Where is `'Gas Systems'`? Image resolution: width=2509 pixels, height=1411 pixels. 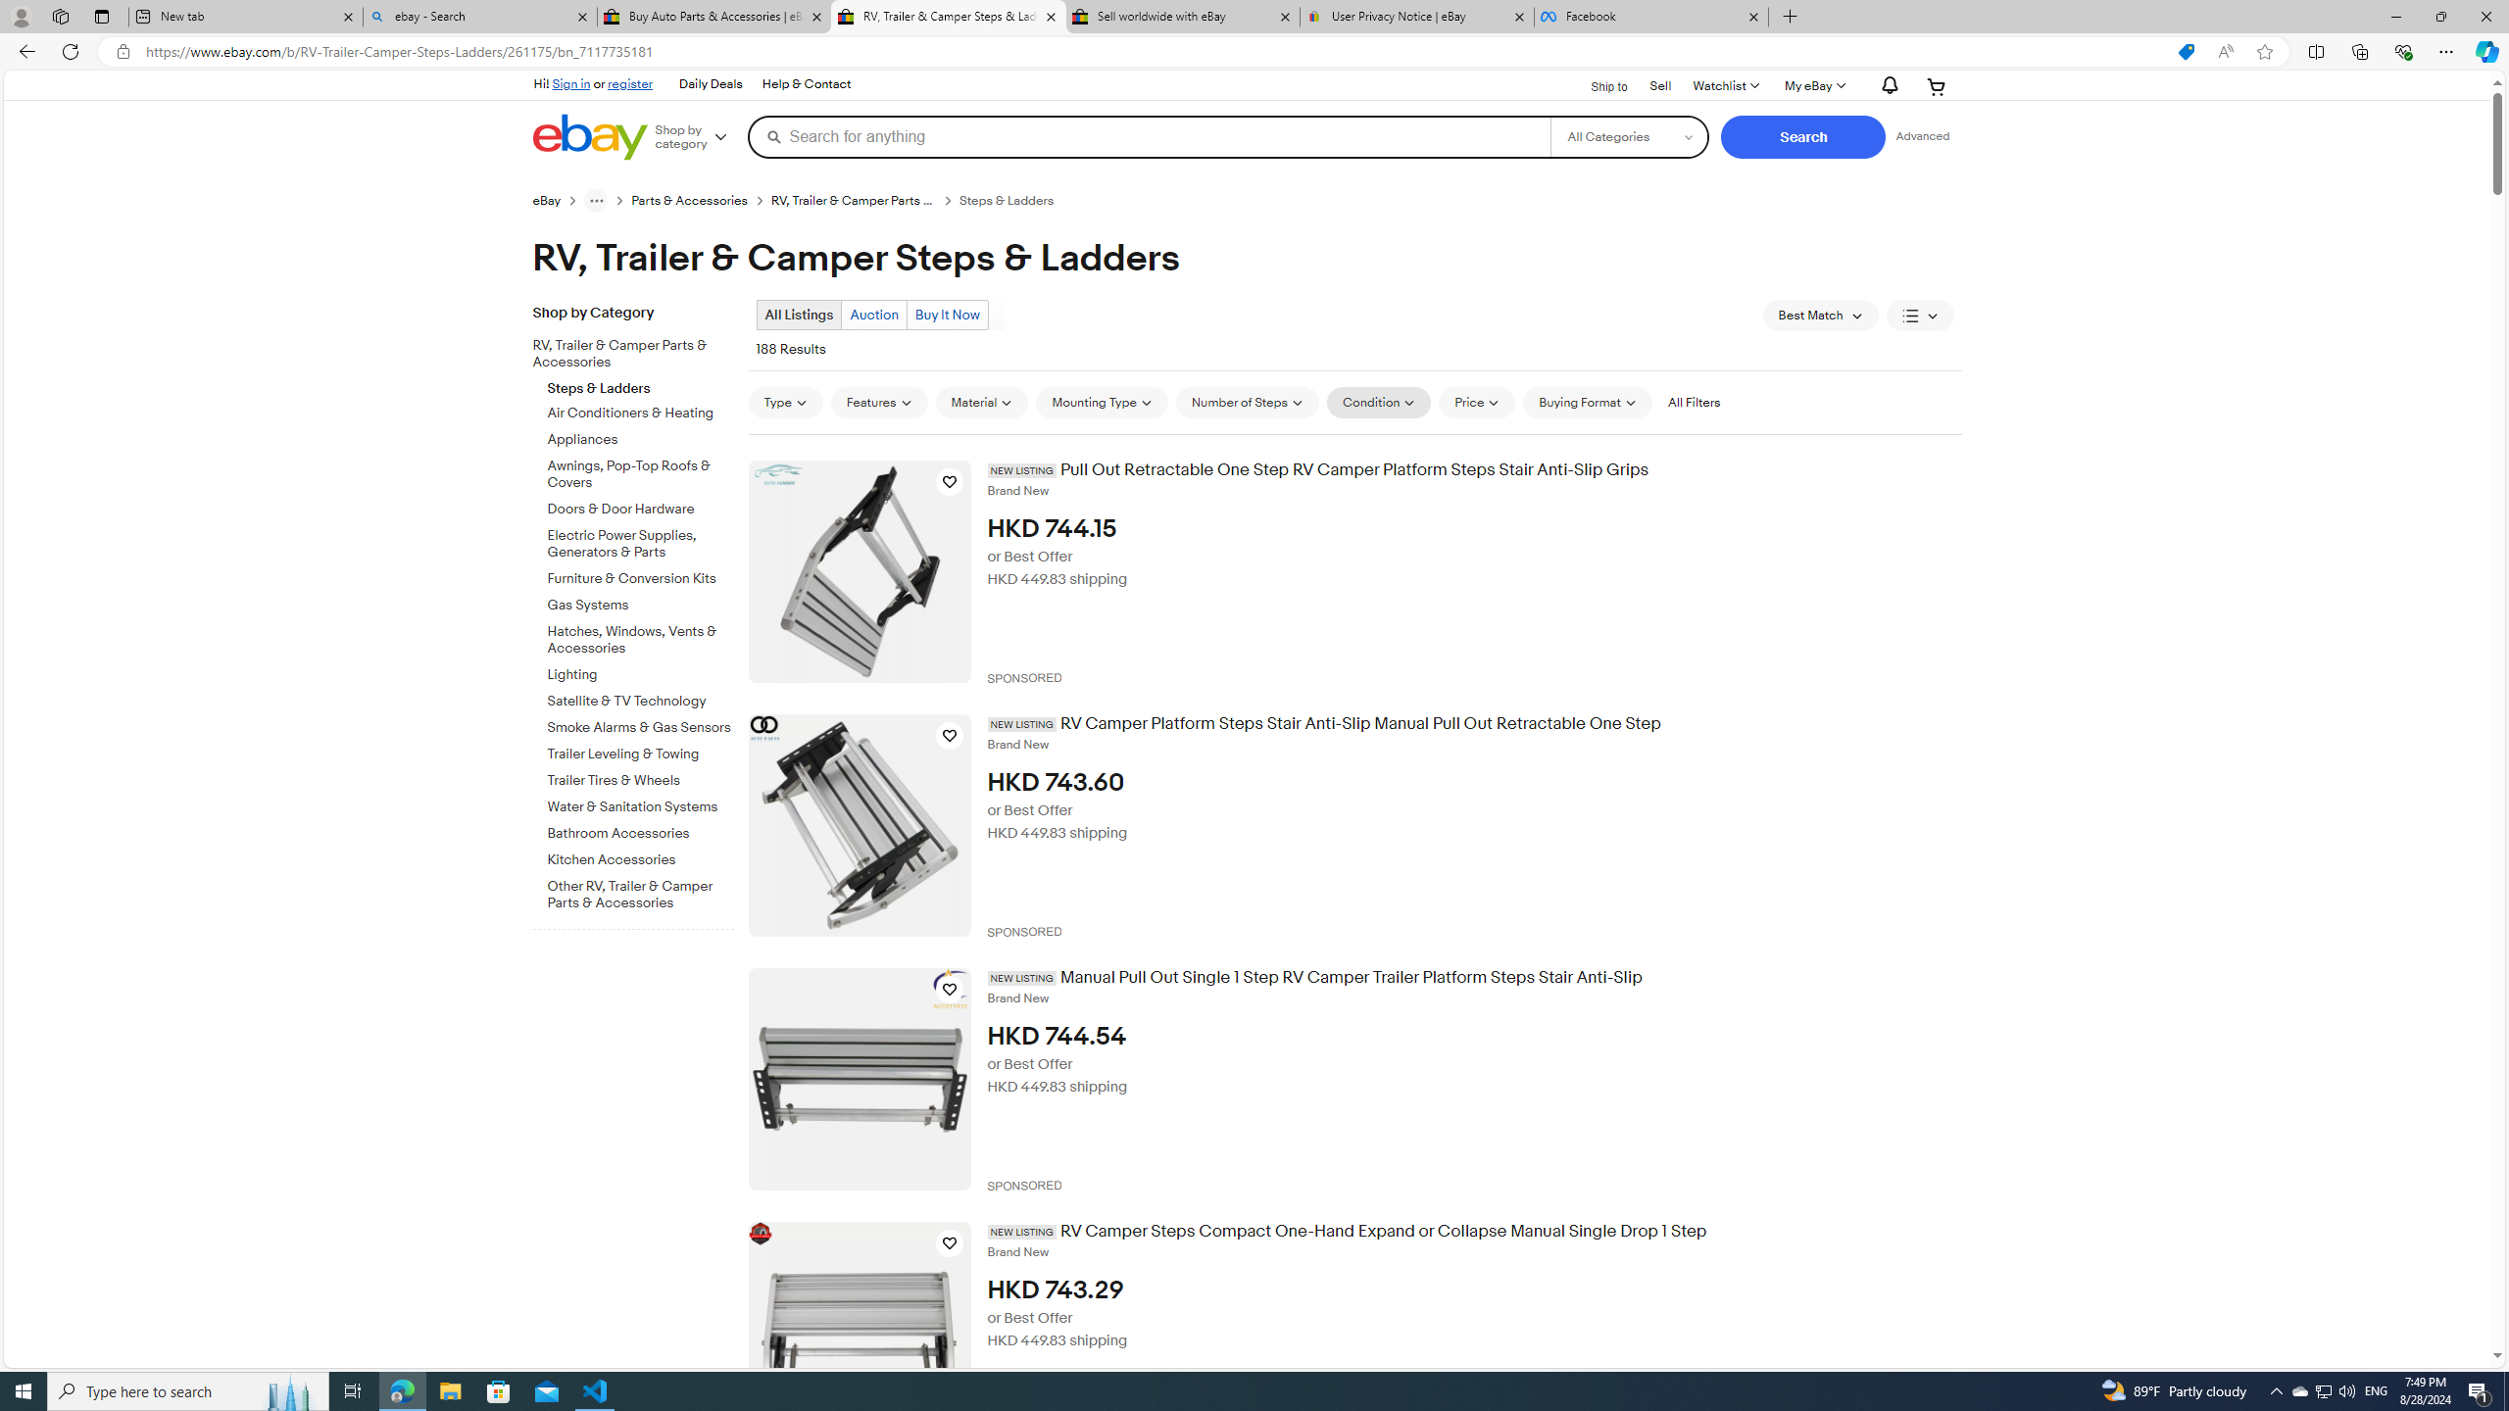 'Gas Systems' is located at coordinates (640, 605).